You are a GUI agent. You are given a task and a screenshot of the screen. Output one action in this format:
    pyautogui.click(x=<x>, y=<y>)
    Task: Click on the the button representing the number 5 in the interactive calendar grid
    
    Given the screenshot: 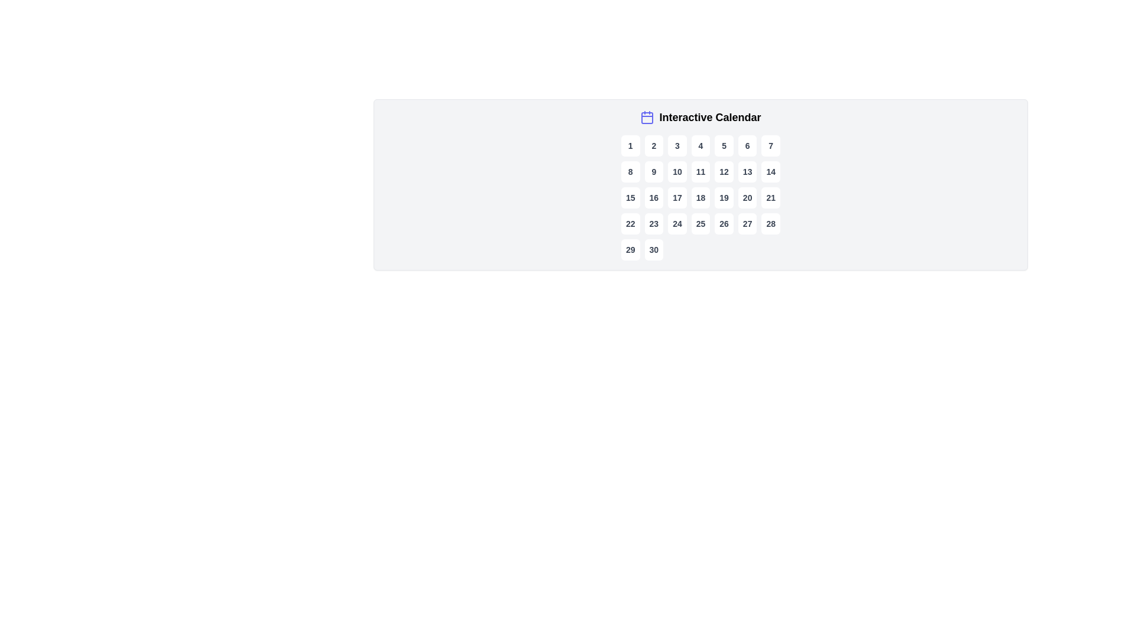 What is the action you would take?
    pyautogui.click(x=724, y=145)
    